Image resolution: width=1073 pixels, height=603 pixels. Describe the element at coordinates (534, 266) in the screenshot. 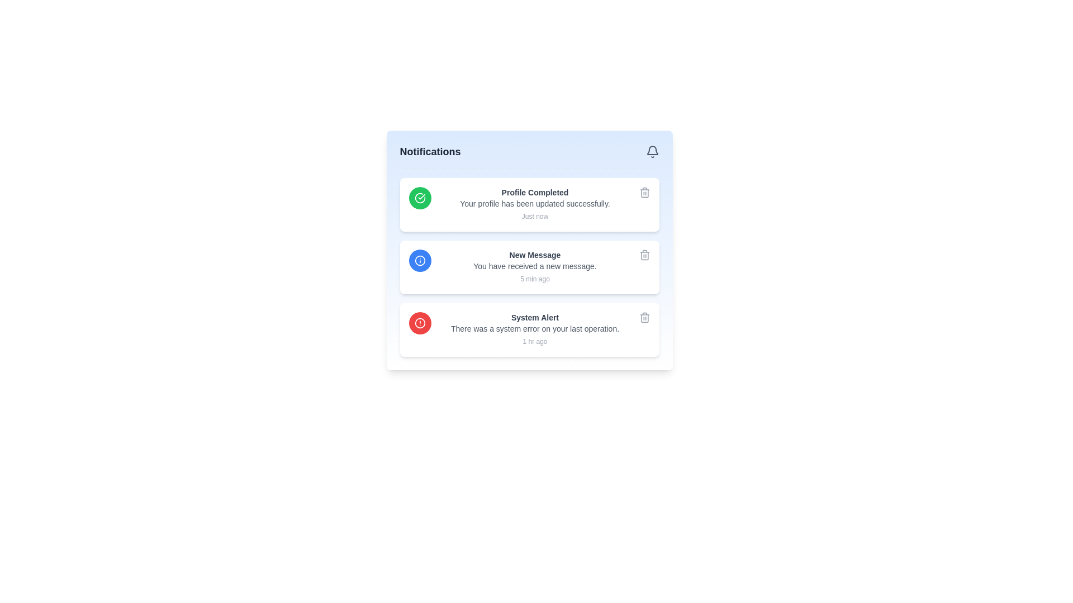

I see `the text element reading 'You have received a new message.' which is styled in a smaller font size and gray color, positioned below the bold title 'New Message' within a notification card` at that location.